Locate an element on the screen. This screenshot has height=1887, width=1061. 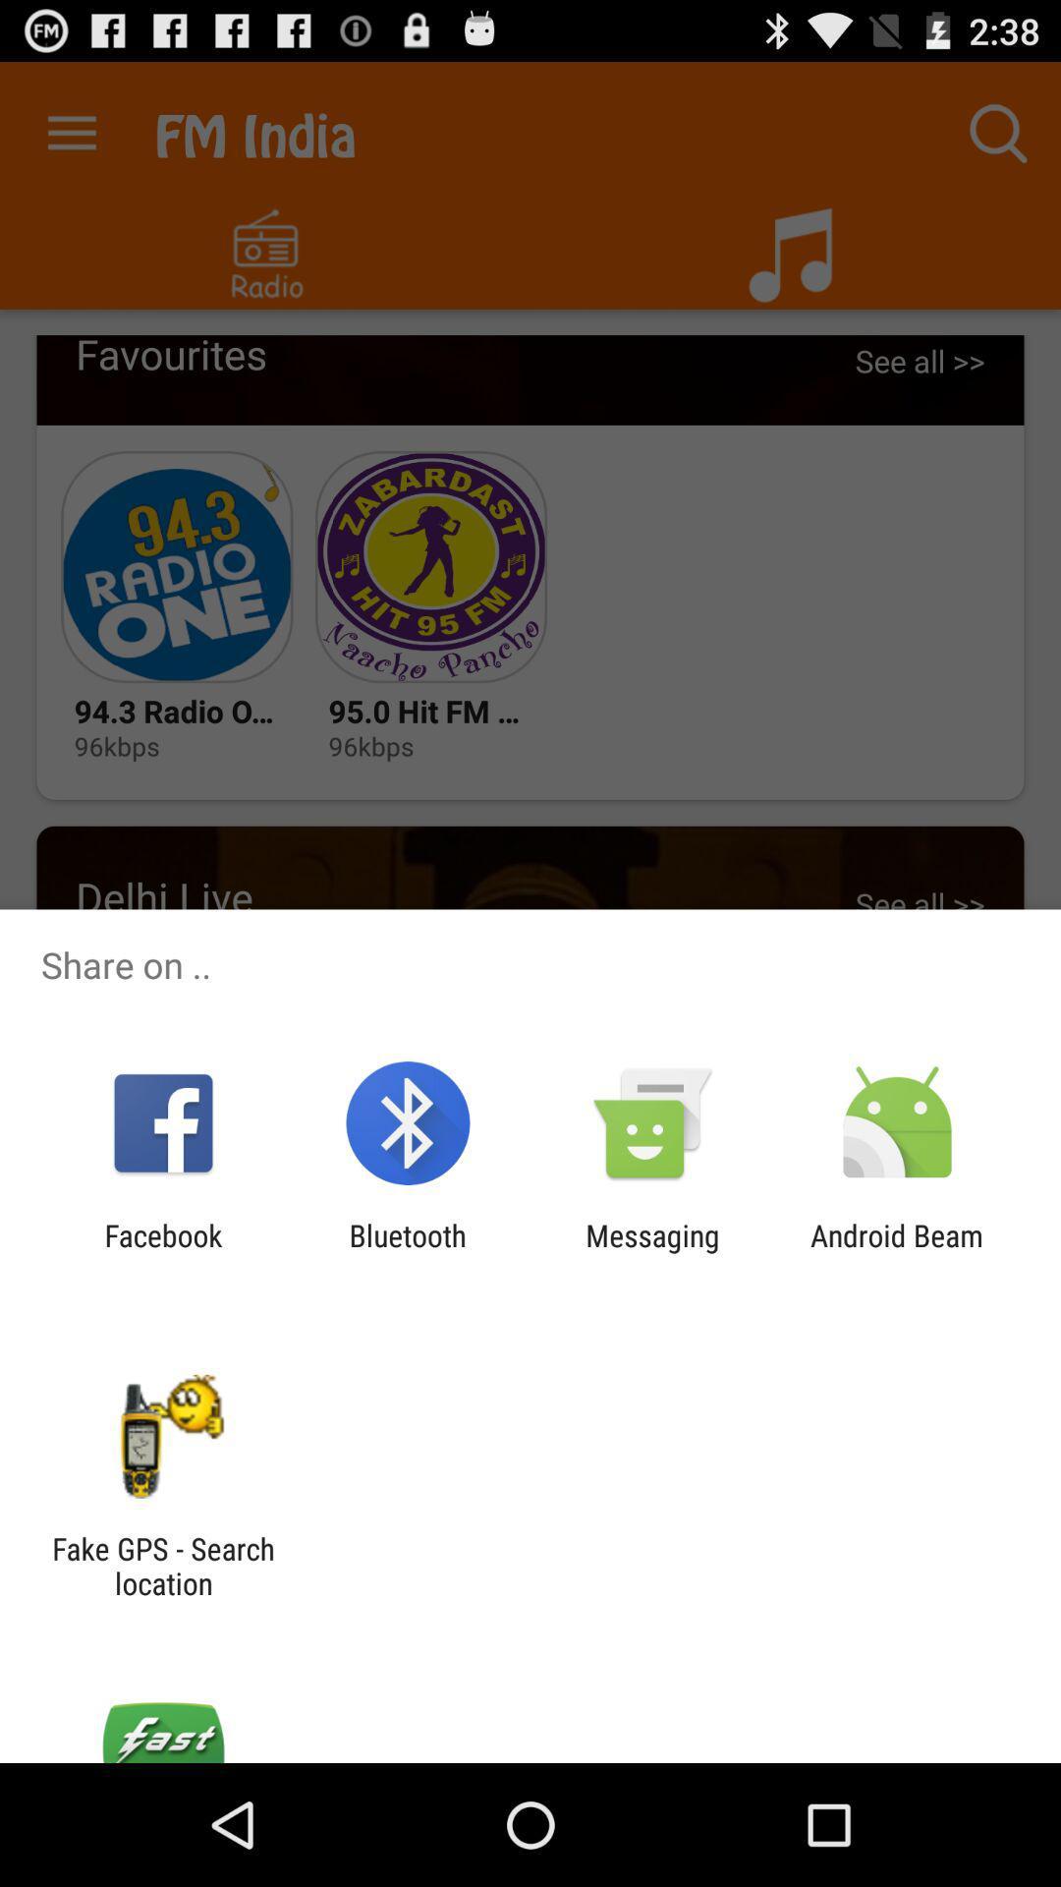
item to the right of the facebook icon is located at coordinates (407, 1252).